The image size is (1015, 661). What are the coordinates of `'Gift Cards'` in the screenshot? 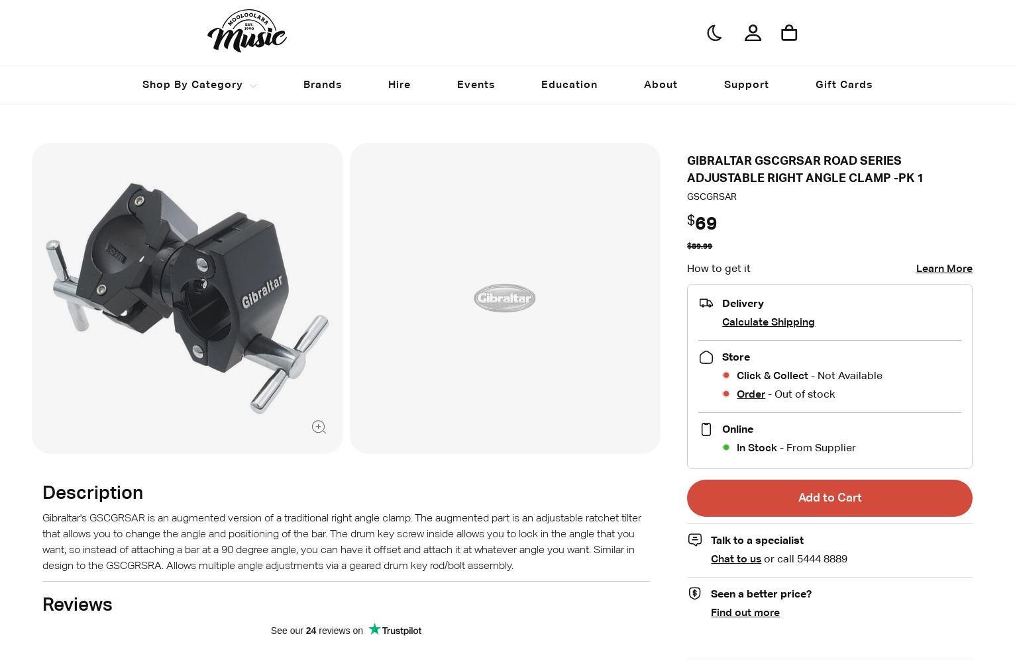 It's located at (815, 84).